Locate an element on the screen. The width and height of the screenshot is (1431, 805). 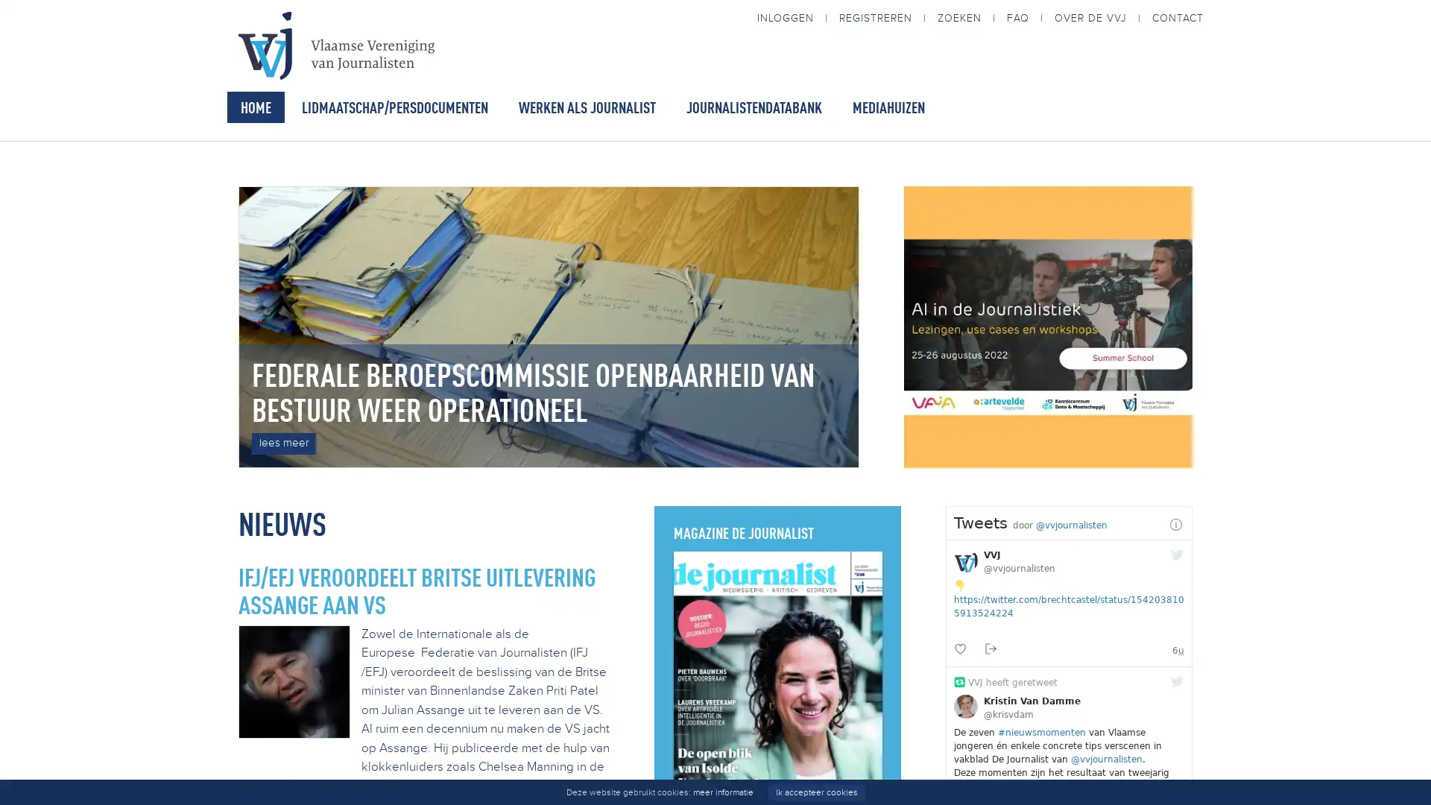
Ik accepteer cookies is located at coordinates (815, 792).